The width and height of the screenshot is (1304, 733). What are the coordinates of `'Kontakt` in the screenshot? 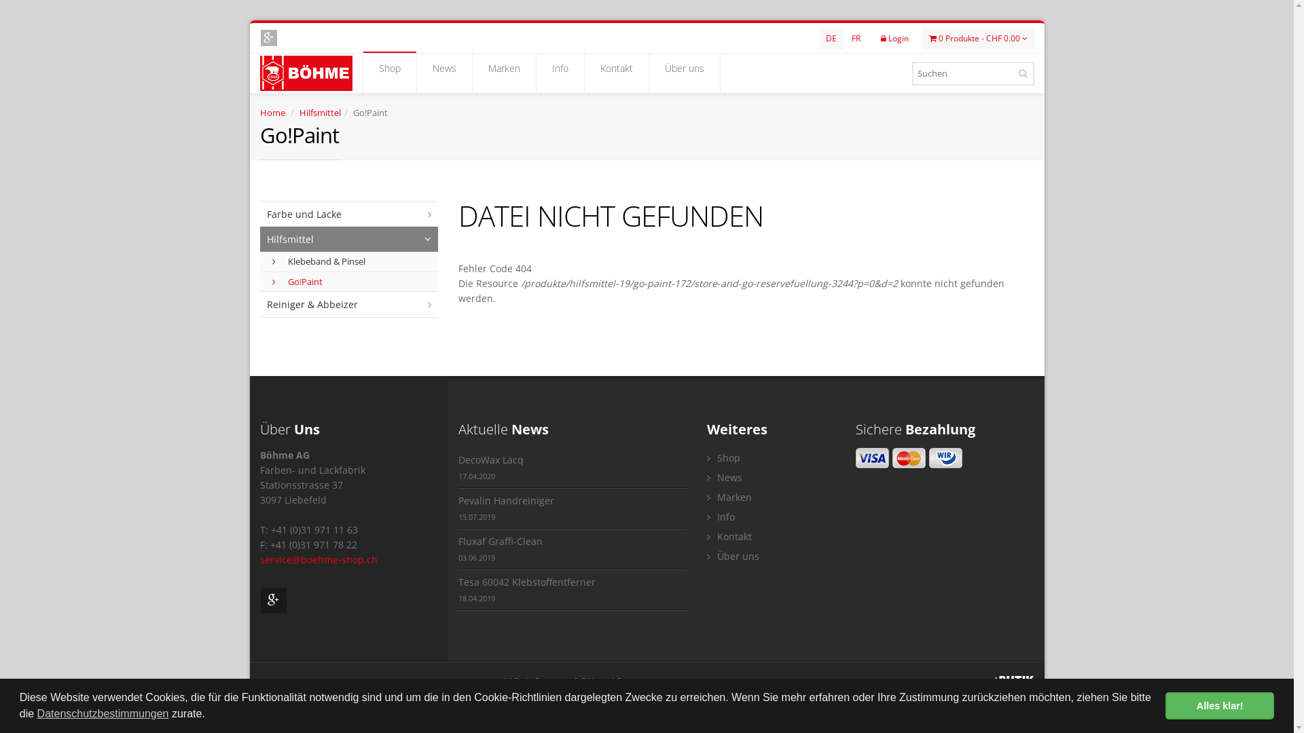 It's located at (615, 73).